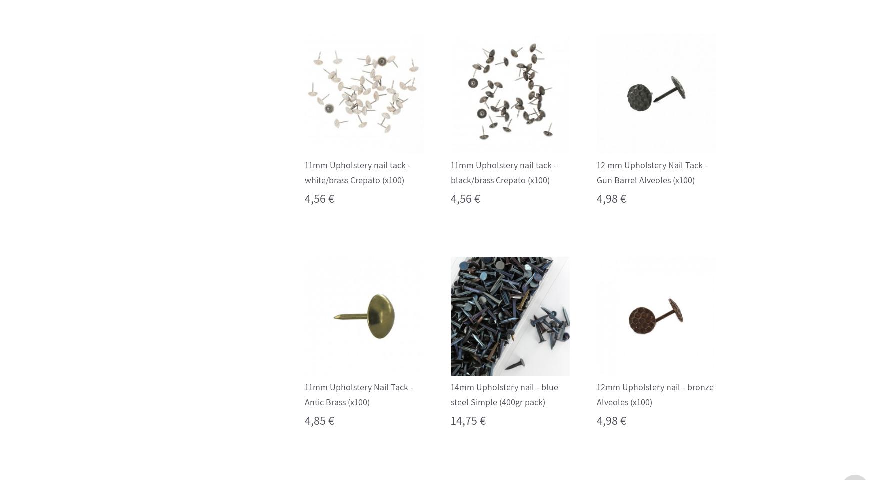 This screenshot has width=875, height=480. I want to click on '11mm Upholstery nail tack - black/brass Crepato (x100)', so click(502, 172).